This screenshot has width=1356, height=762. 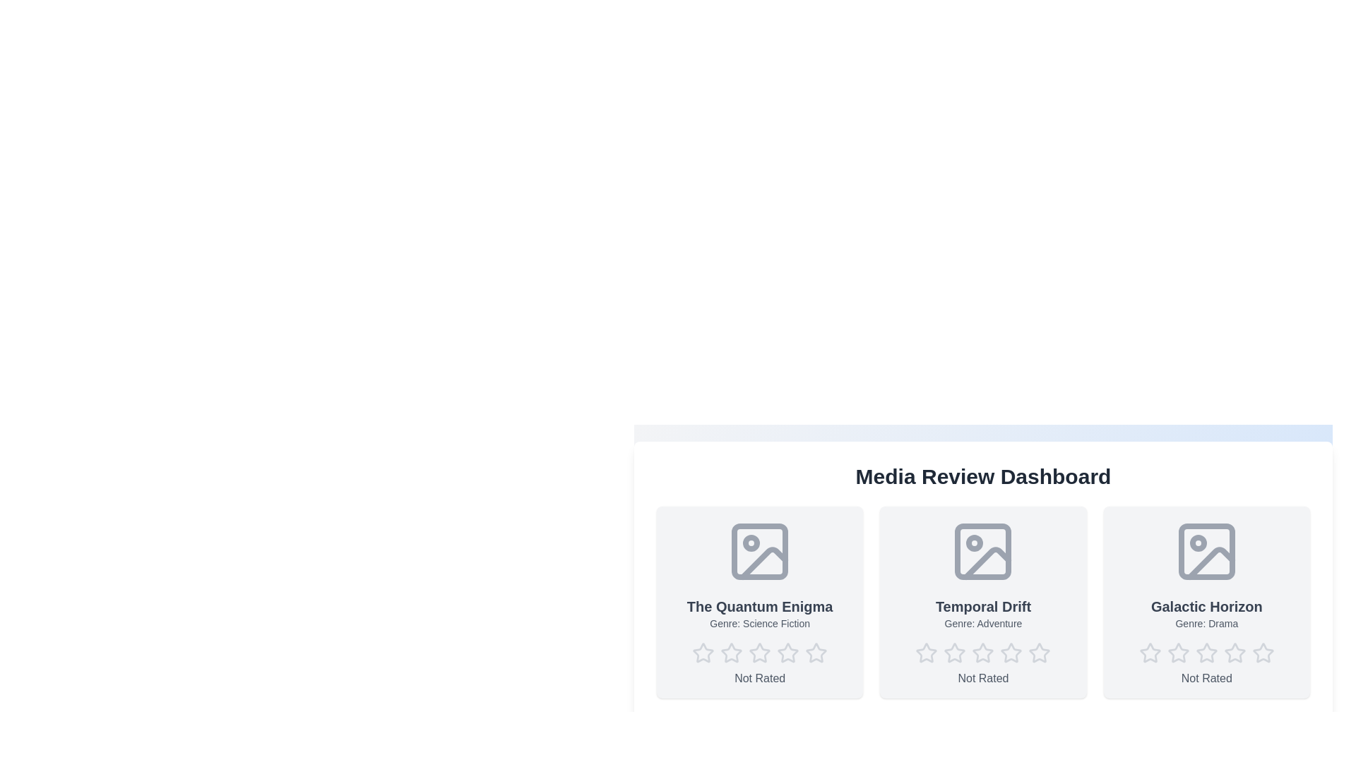 What do you see at coordinates (982, 606) in the screenshot?
I see `the title of the media item Temporal Drift to select or highlight it` at bounding box center [982, 606].